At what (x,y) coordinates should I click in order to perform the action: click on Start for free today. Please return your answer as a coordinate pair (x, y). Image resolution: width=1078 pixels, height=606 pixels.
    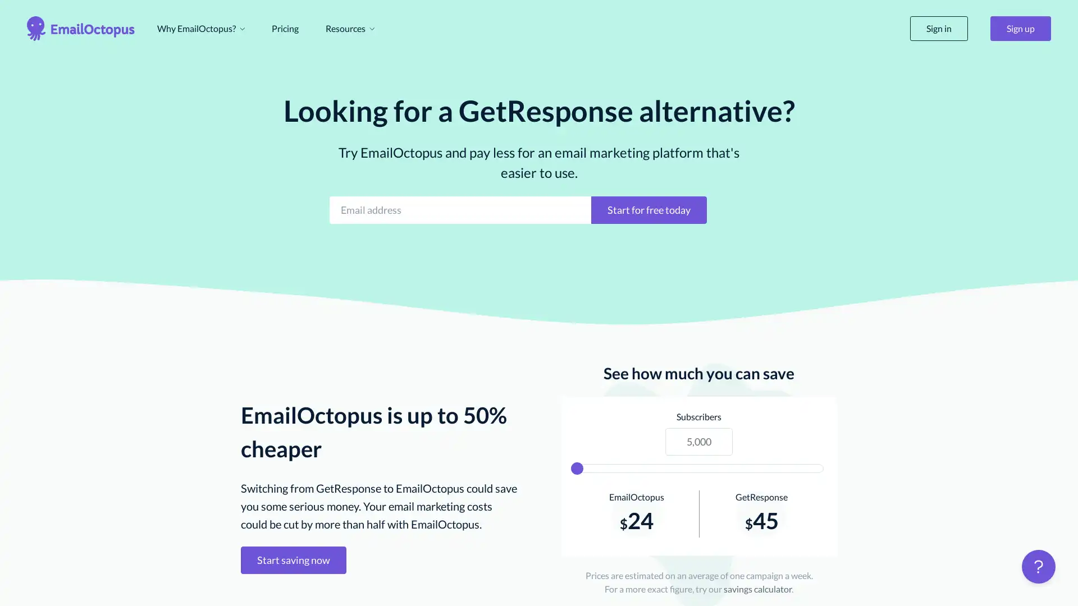
    Looking at the image, I should click on (649, 209).